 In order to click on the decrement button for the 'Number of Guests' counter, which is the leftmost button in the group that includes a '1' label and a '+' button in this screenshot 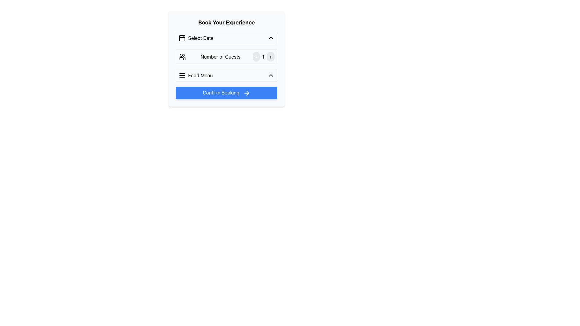, I will do `click(256, 57)`.